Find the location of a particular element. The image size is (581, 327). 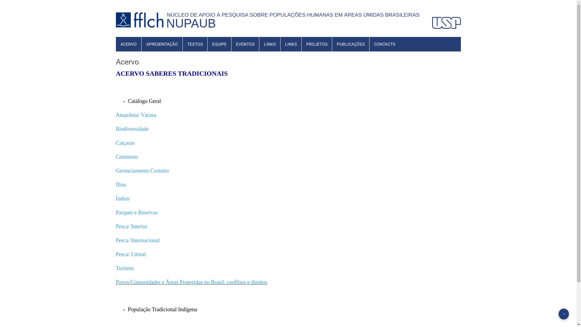

'Commons' is located at coordinates (126, 157).